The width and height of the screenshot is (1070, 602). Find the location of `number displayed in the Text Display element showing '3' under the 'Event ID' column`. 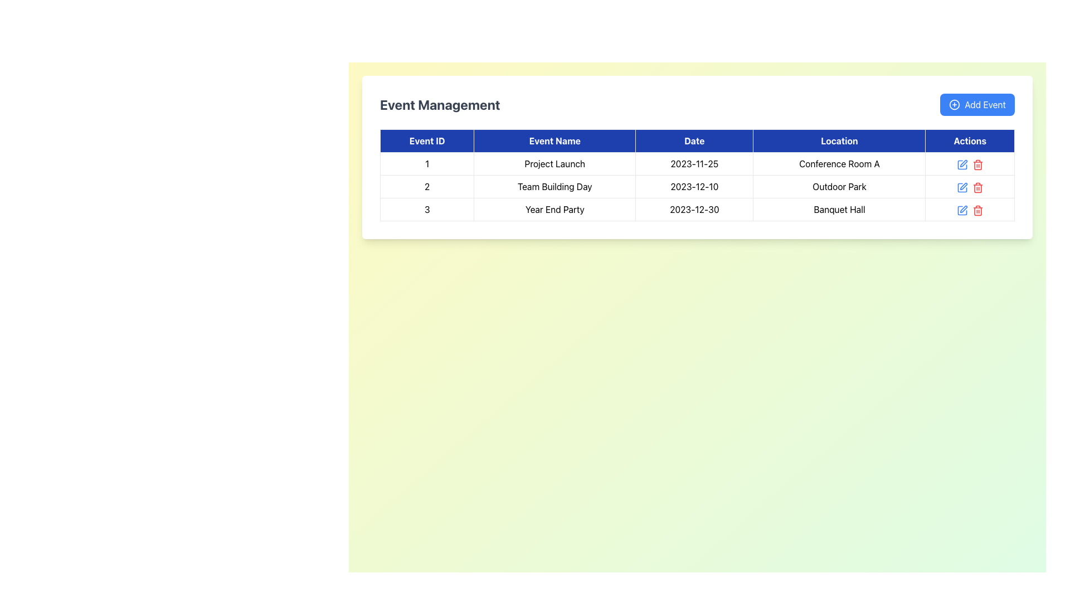

number displayed in the Text Display element showing '3' under the 'Event ID' column is located at coordinates (426, 209).